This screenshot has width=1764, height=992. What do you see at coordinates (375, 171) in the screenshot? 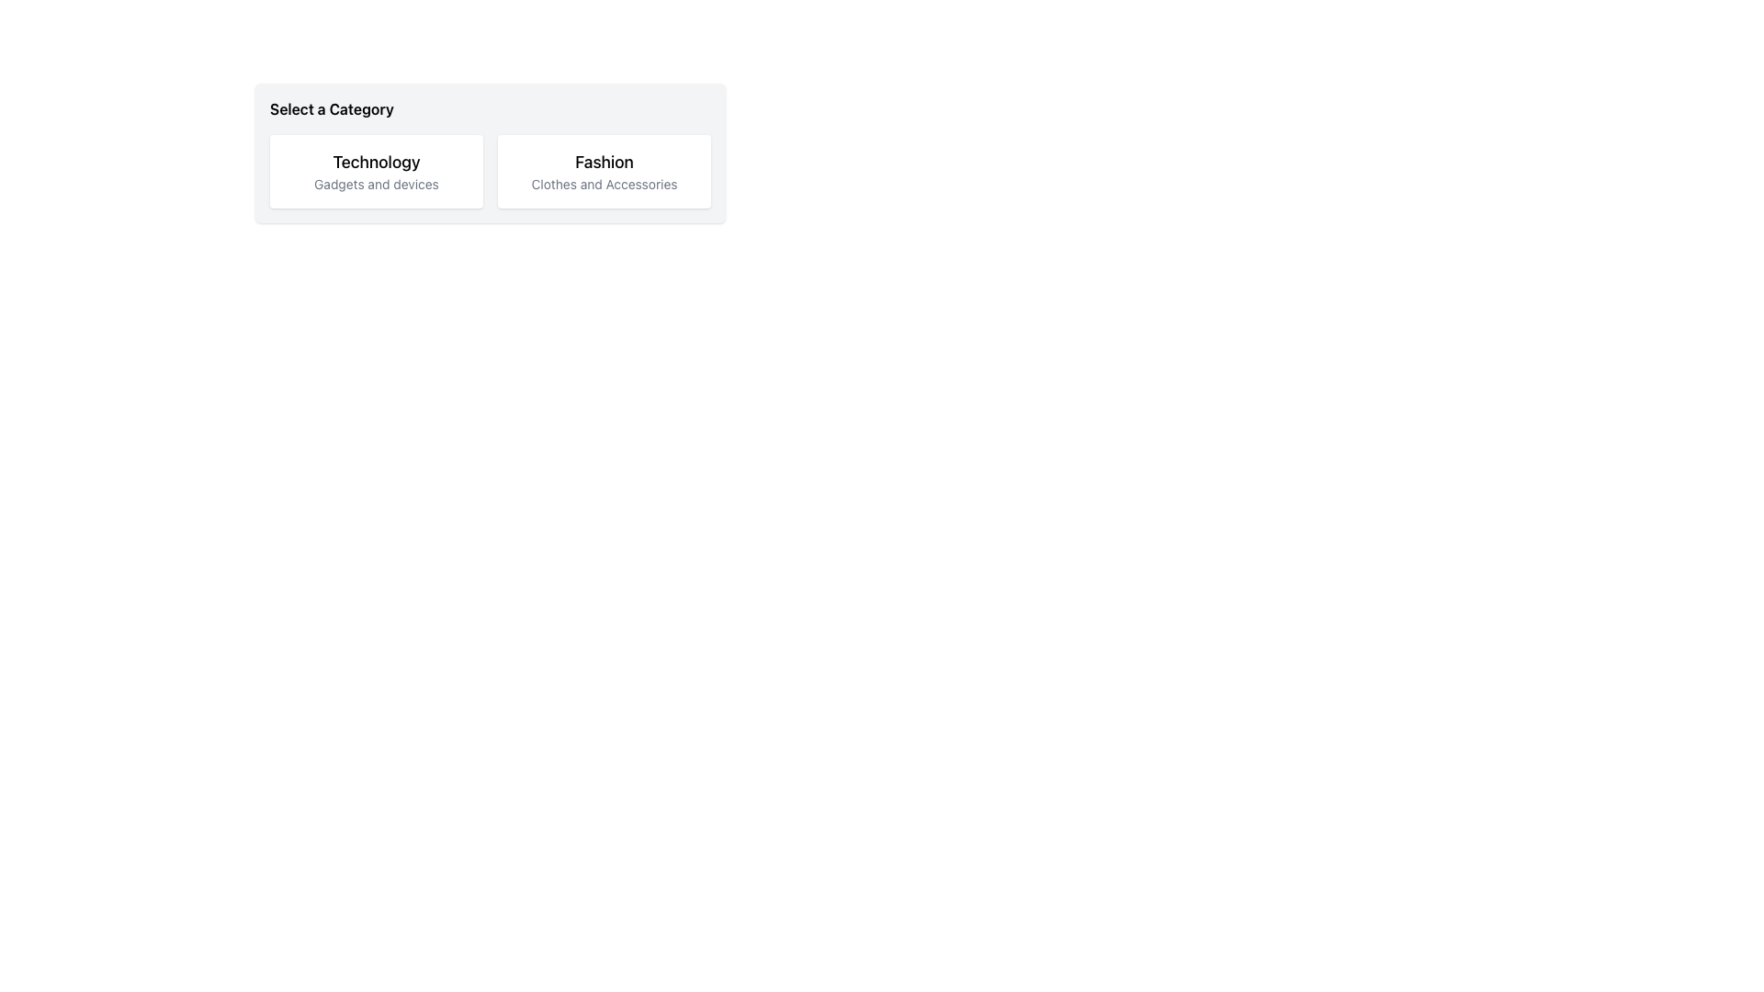
I see `the first selectable category card labeled 'Technology' in the top-left quadrant of the grid` at bounding box center [375, 171].